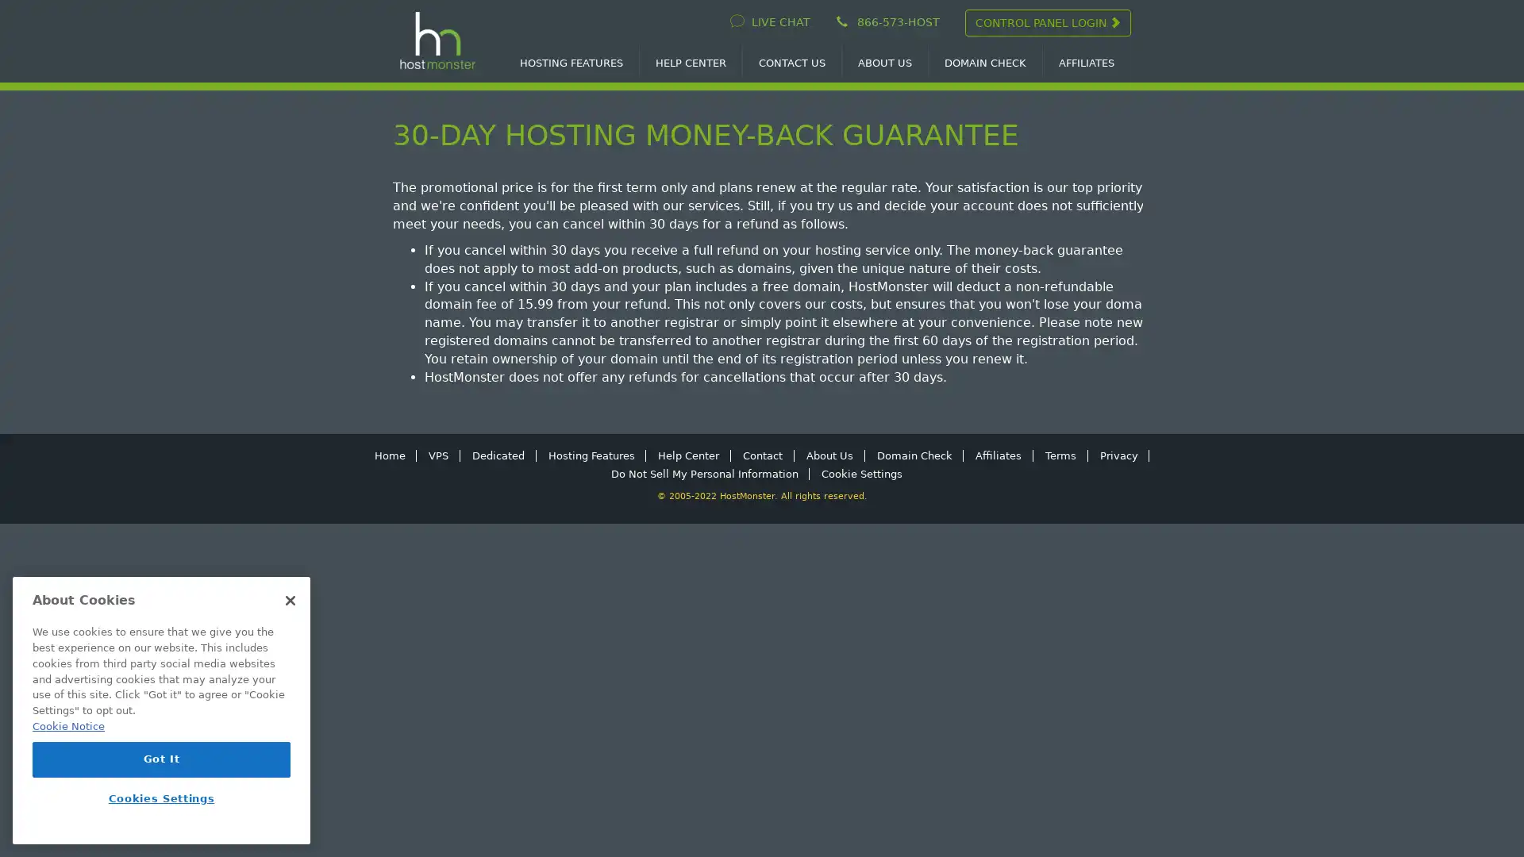 Image resolution: width=1524 pixels, height=857 pixels. What do you see at coordinates (161, 798) in the screenshot?
I see `Cookies Settings` at bounding box center [161, 798].